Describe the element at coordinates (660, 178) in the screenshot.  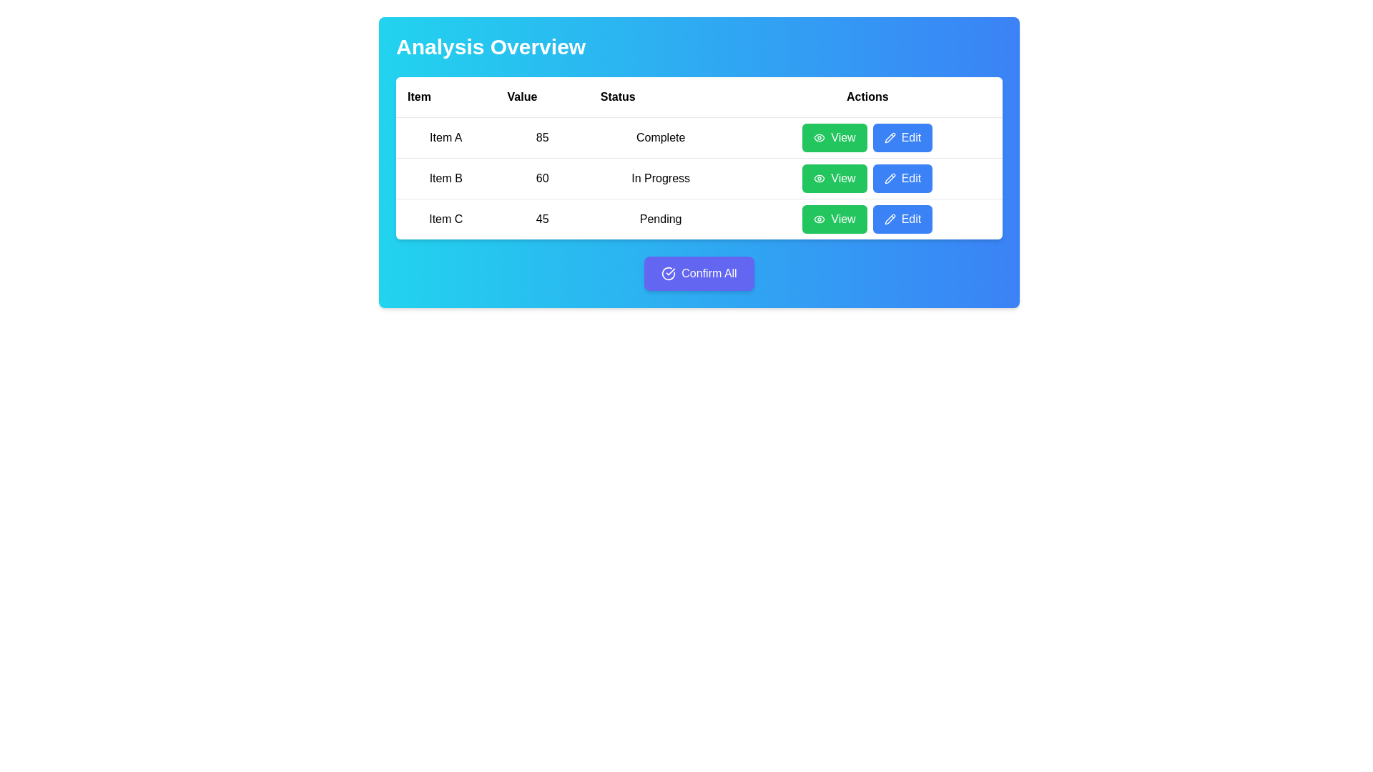
I see `the status text element indicating 'In Progress' for 'Item B', located in the 'Status' column of the second row of the table` at that location.